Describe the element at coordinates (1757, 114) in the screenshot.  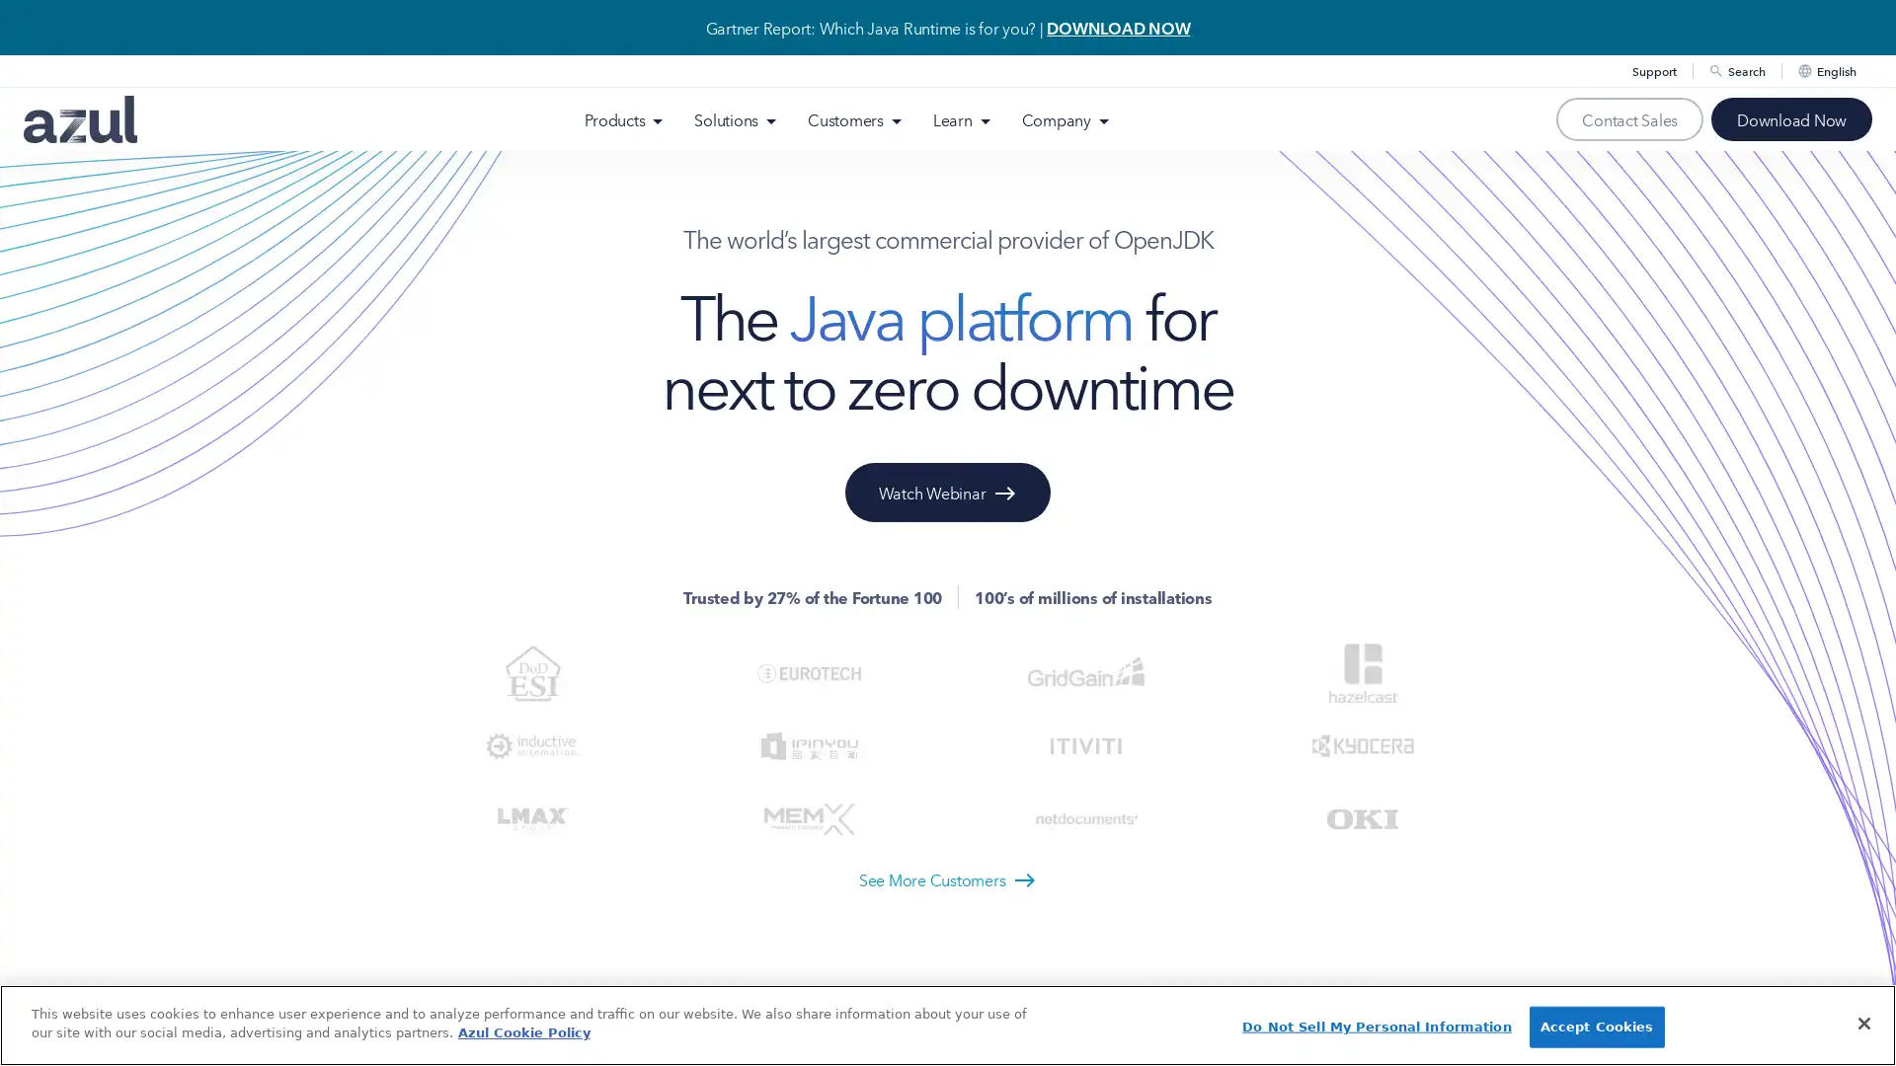
I see `Search` at that location.